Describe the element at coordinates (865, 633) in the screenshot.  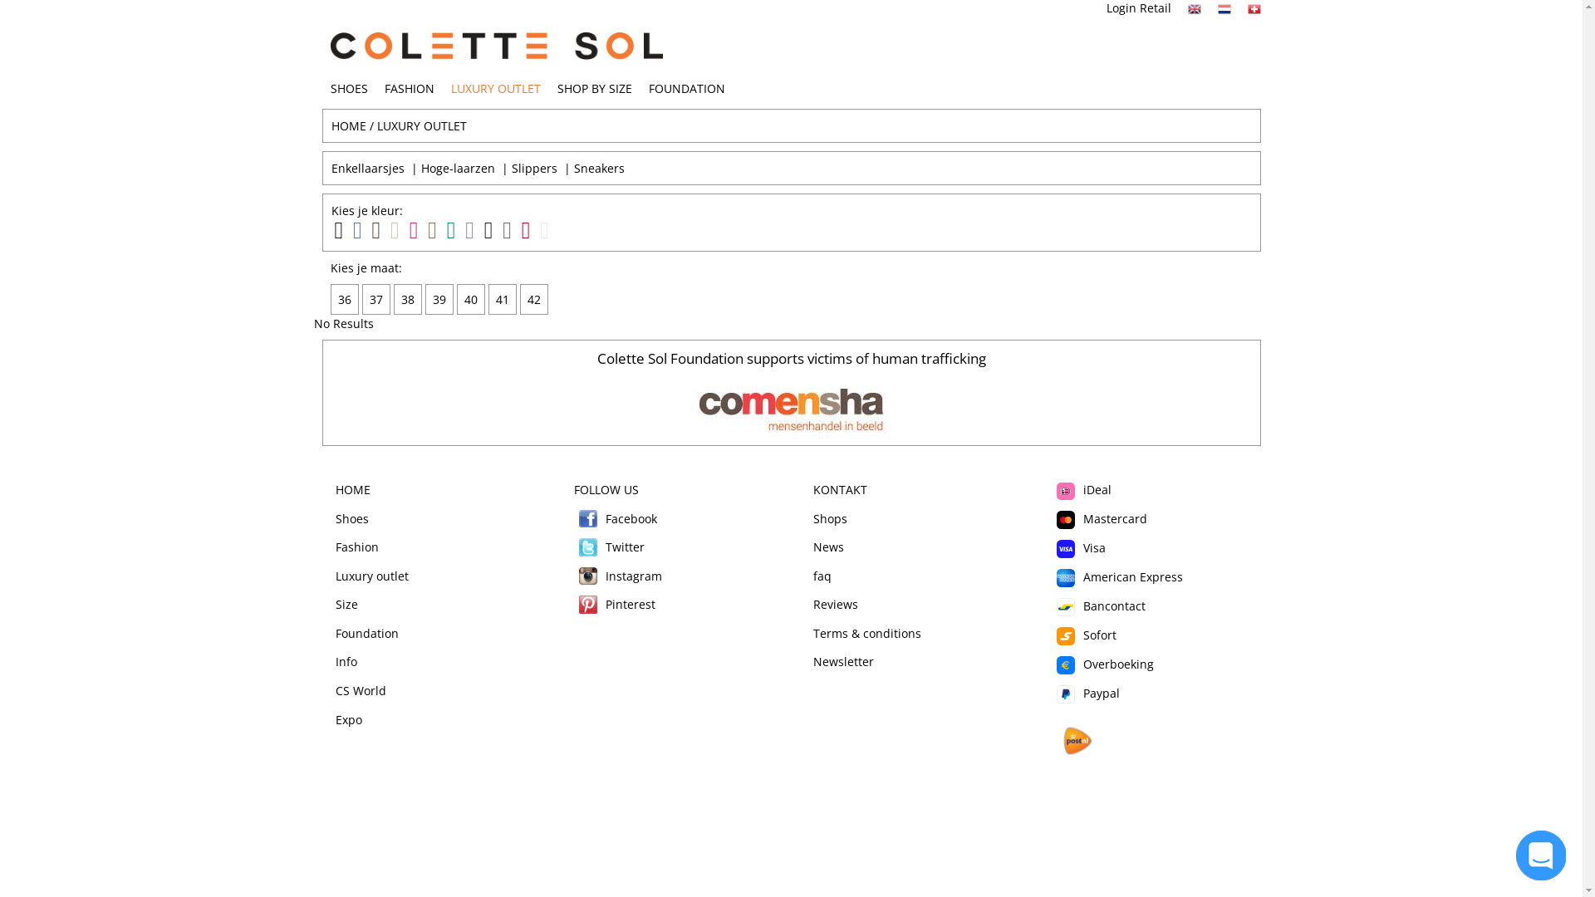
I see `'Terms & conditions'` at that location.